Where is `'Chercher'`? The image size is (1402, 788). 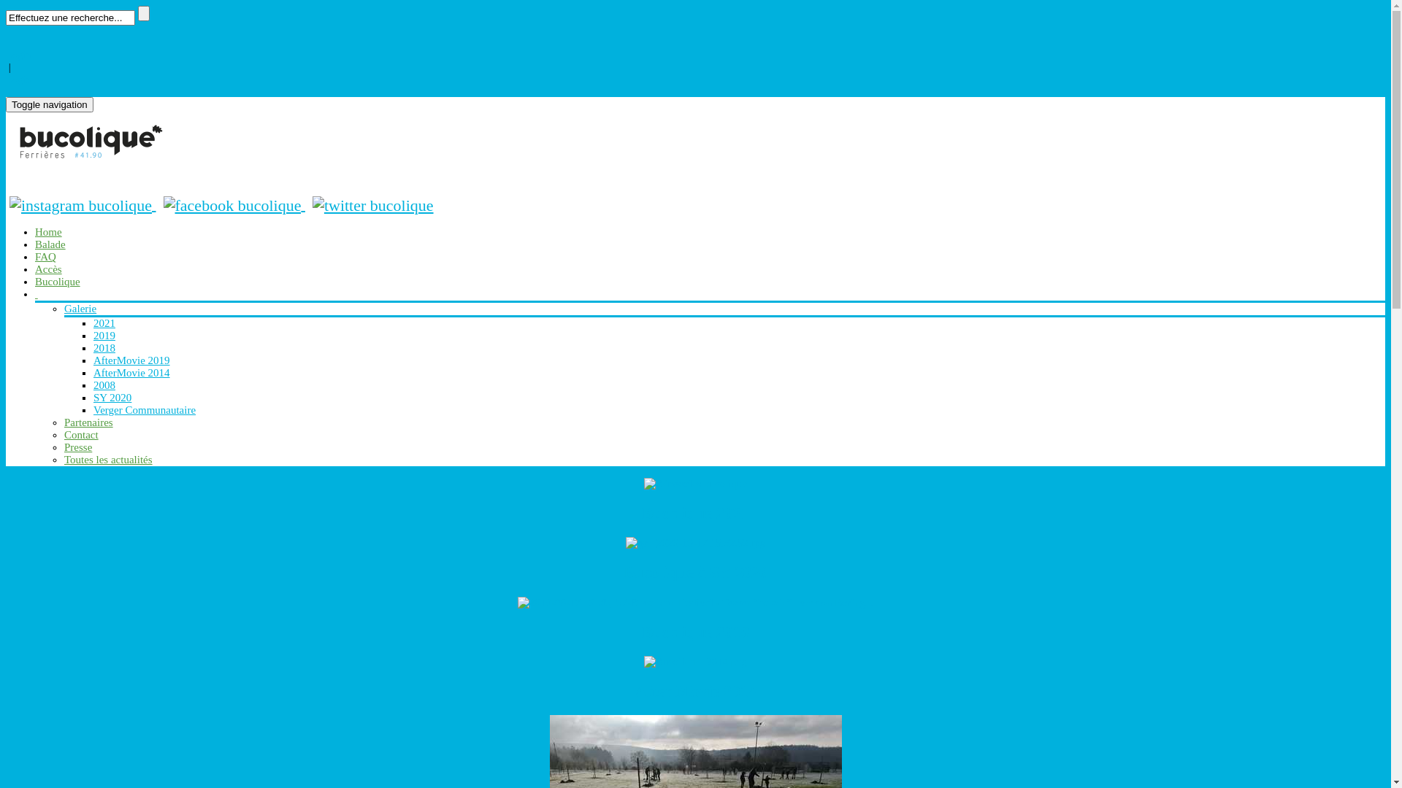
'Chercher' is located at coordinates (143, 13).